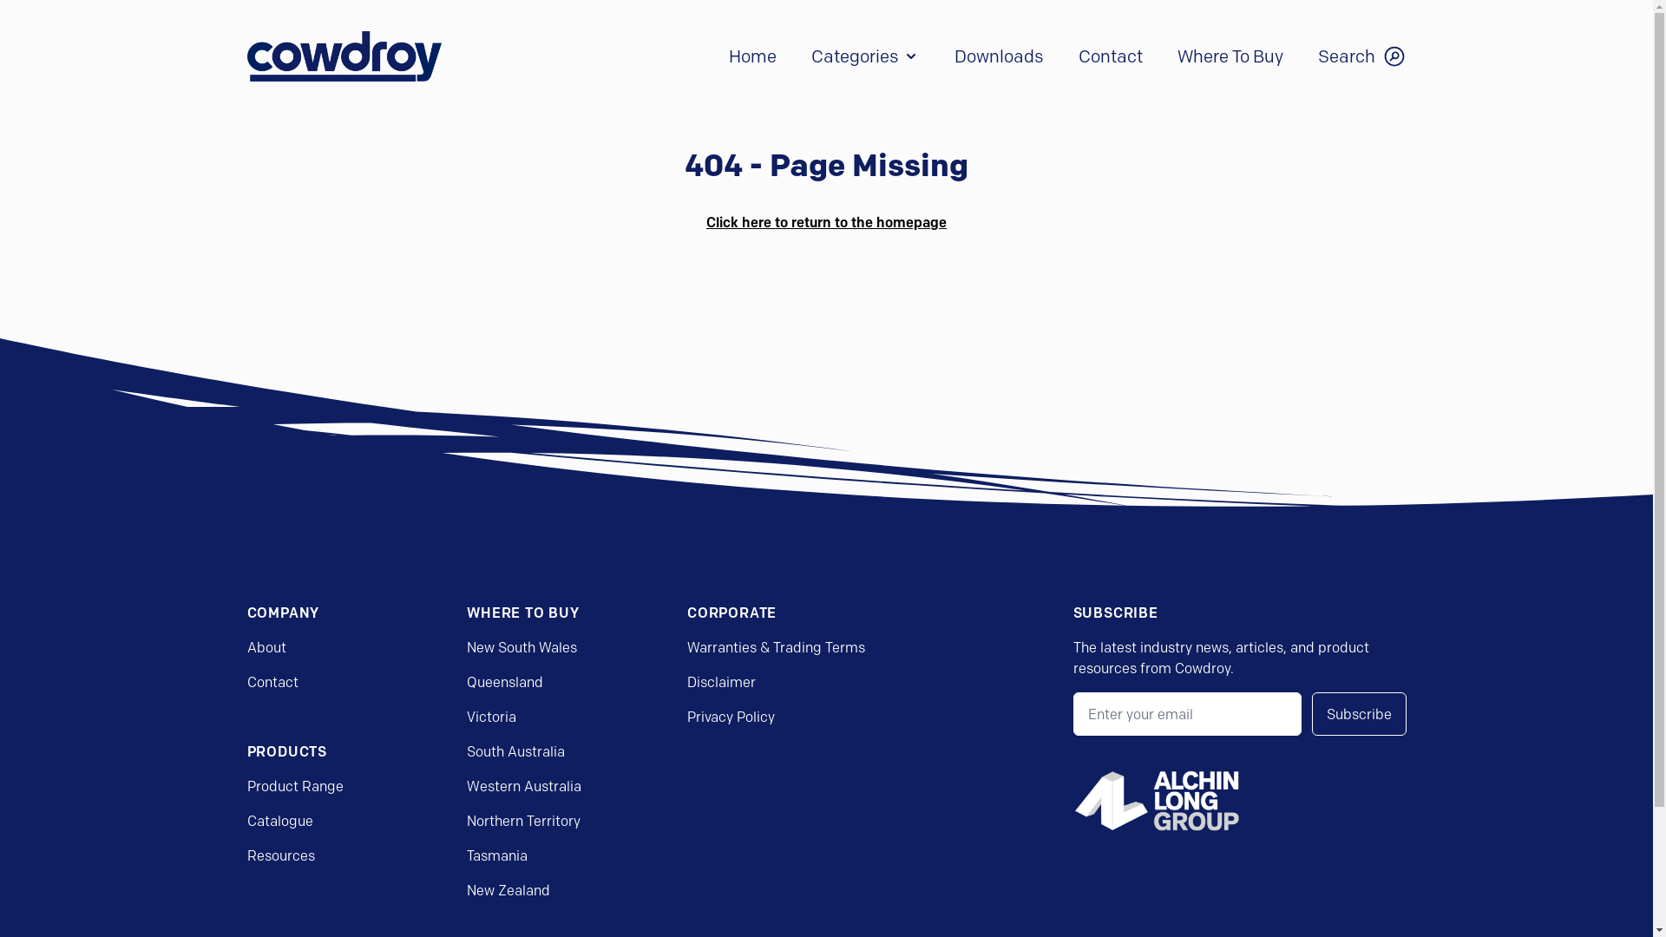 This screenshot has height=937, width=1666. Describe the element at coordinates (1228, 56) in the screenshot. I see `'Where To Buy'` at that location.